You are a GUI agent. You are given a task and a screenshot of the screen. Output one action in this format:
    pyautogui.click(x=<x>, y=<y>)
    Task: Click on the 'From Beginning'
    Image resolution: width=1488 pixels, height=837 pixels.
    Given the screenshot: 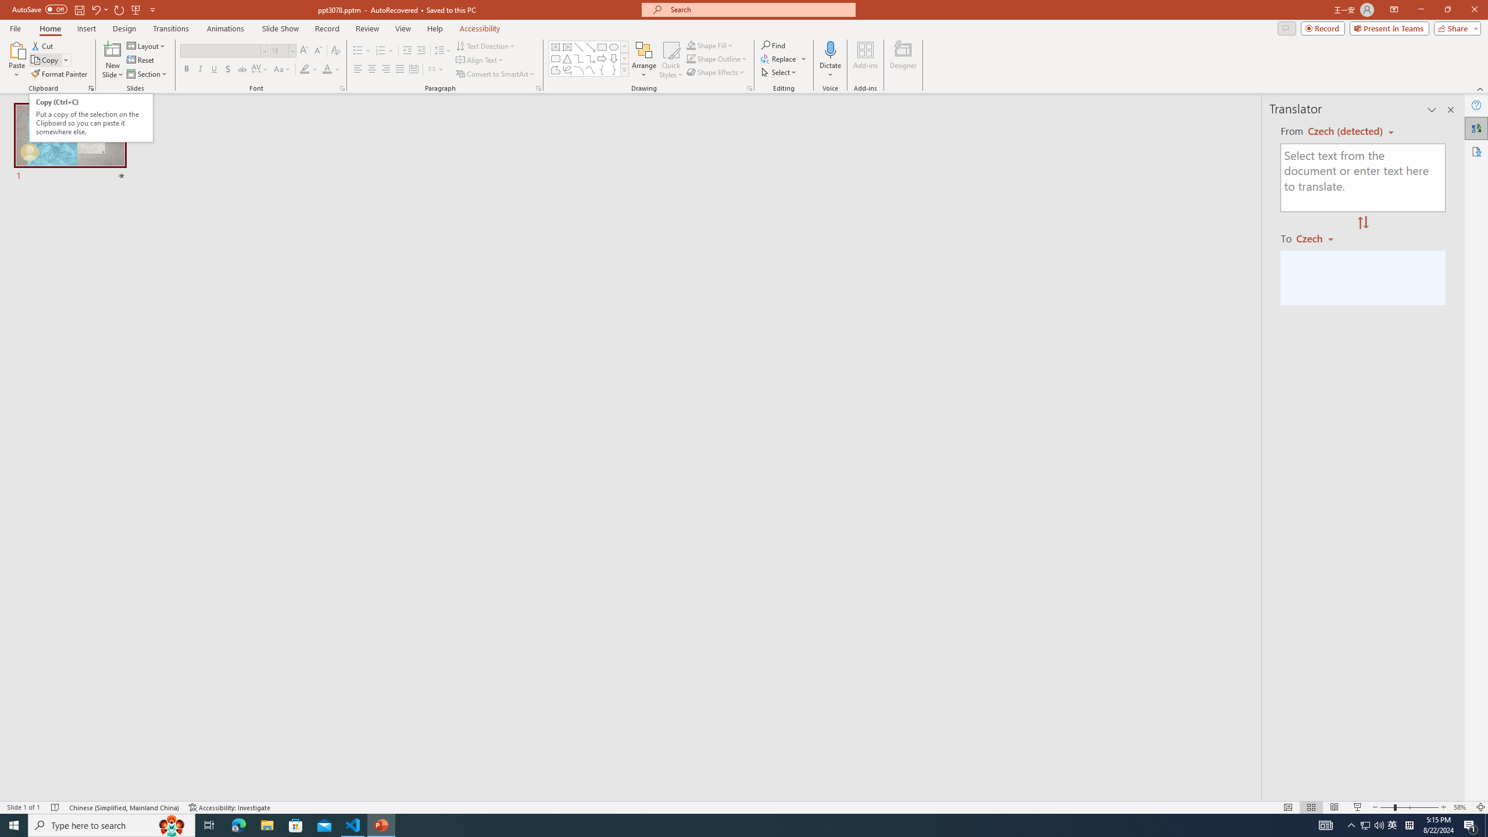 What is the action you would take?
    pyautogui.click(x=135, y=9)
    